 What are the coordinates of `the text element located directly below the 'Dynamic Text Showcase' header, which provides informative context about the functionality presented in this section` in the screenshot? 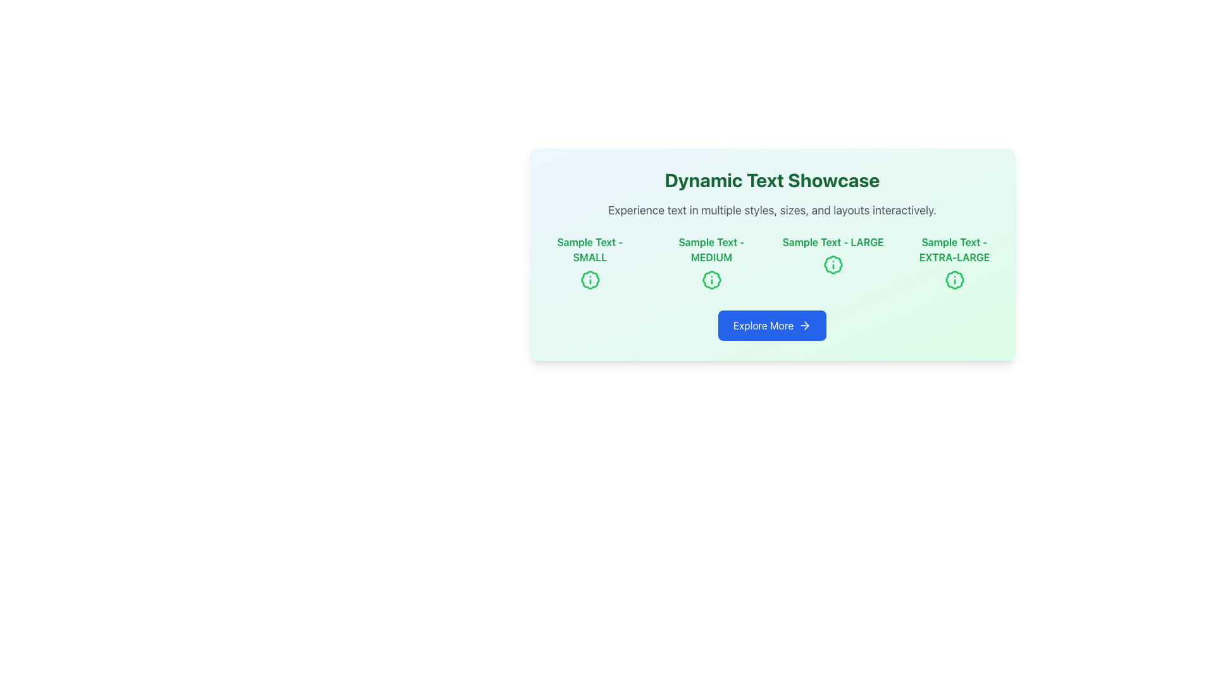 It's located at (771, 209).